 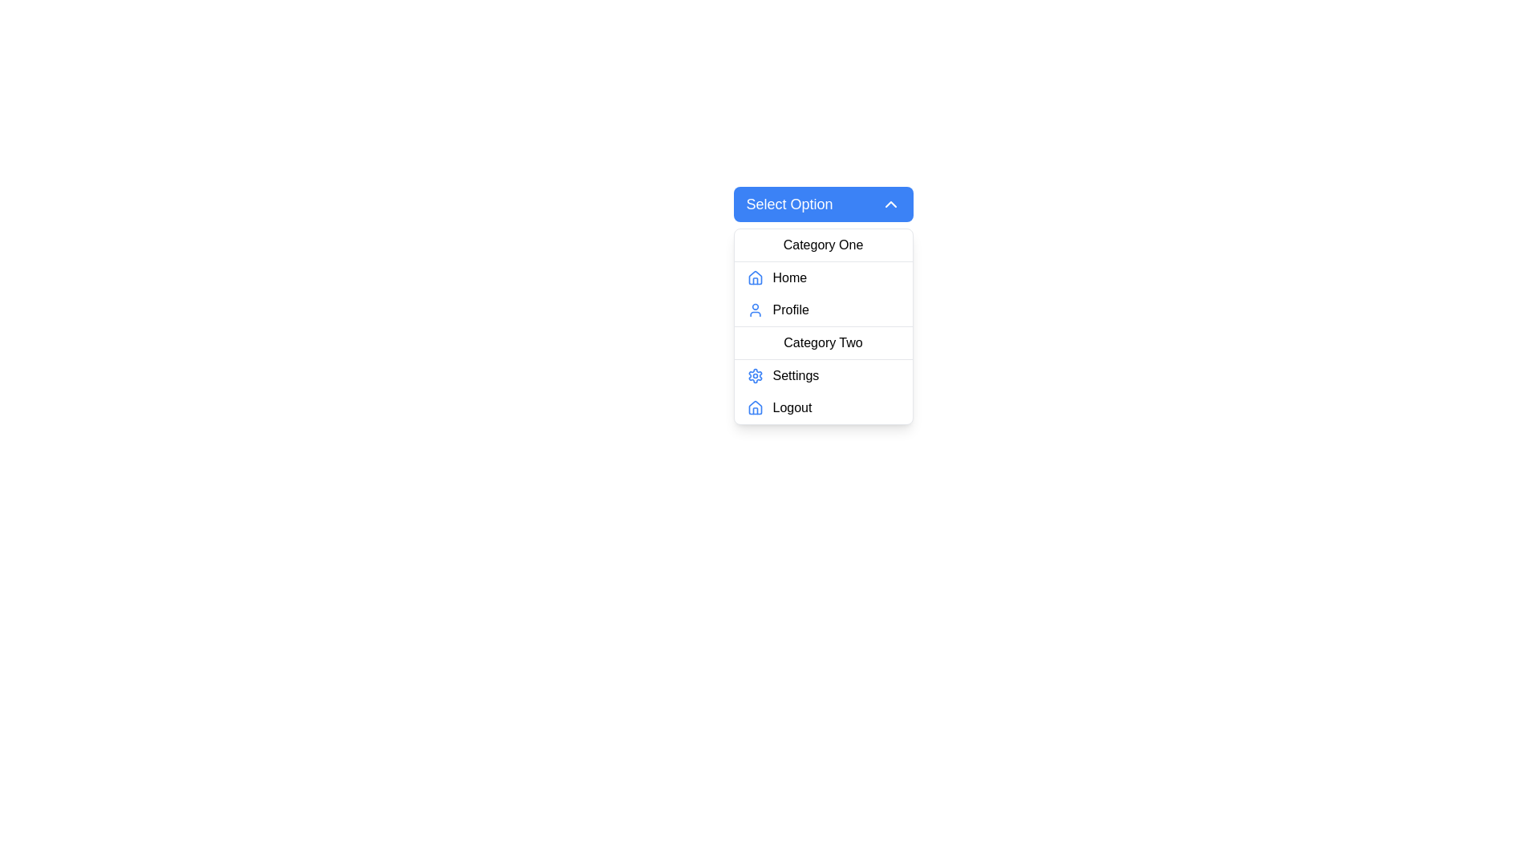 What do you see at coordinates (823, 245) in the screenshot?
I see `the text label 'Category One' in the dropdown menu, which is the topmost item below the 'Select Option' title bar` at bounding box center [823, 245].